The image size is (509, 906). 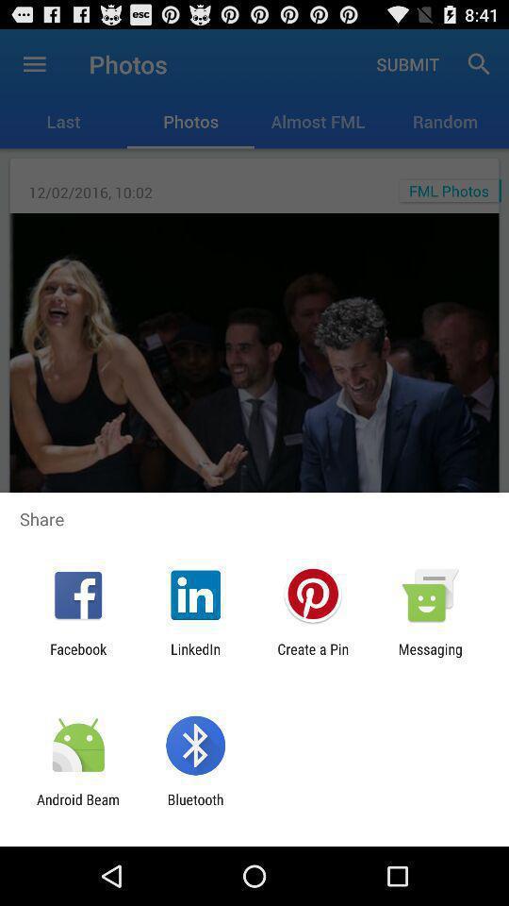 What do you see at coordinates (430, 657) in the screenshot?
I see `the icon next to create a pin` at bounding box center [430, 657].